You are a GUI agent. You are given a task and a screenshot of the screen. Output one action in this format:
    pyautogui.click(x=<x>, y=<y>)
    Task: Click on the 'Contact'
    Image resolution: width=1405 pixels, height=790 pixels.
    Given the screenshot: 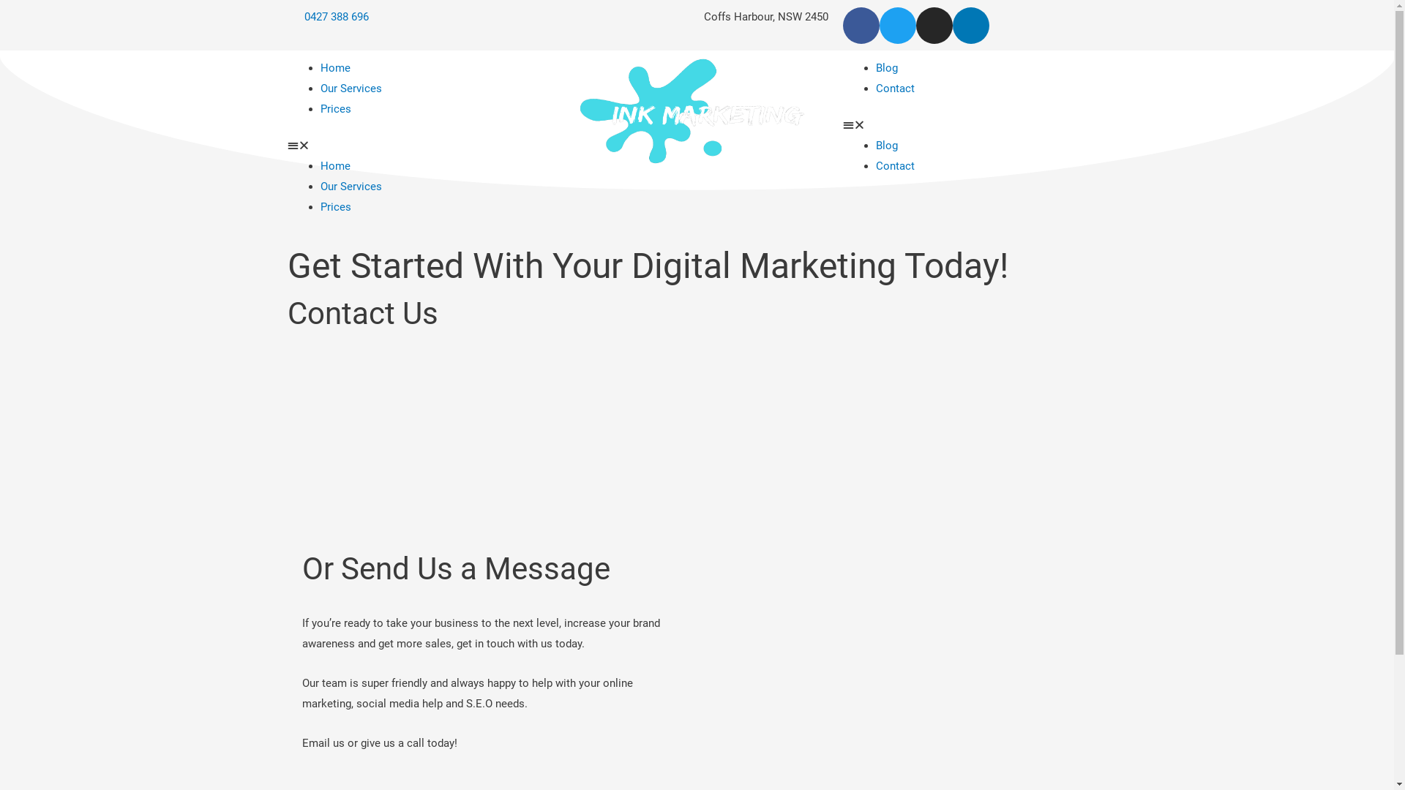 What is the action you would take?
    pyautogui.click(x=875, y=165)
    